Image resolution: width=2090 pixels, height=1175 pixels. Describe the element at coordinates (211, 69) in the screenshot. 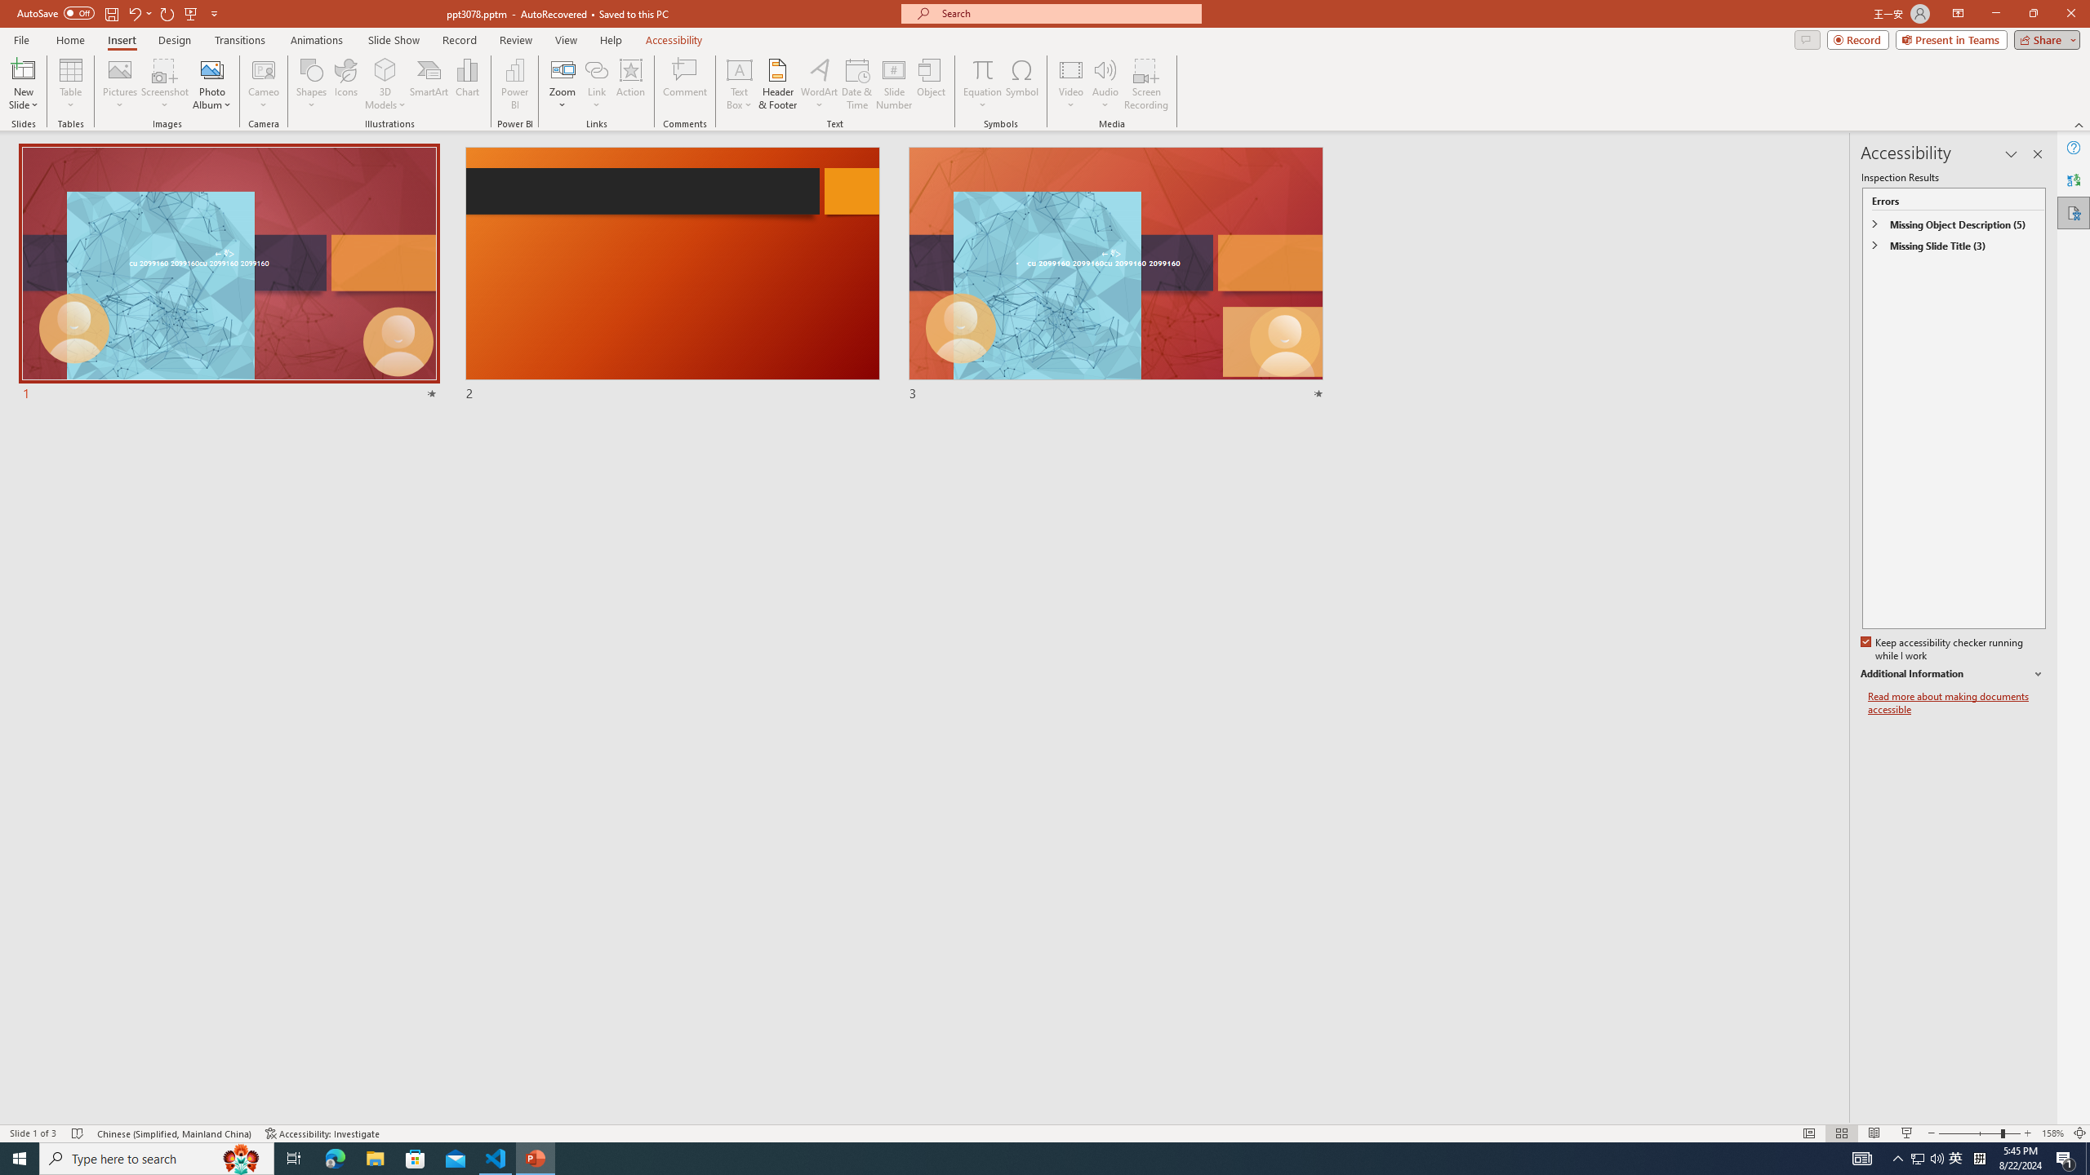

I see `'New Photo Album...'` at that location.